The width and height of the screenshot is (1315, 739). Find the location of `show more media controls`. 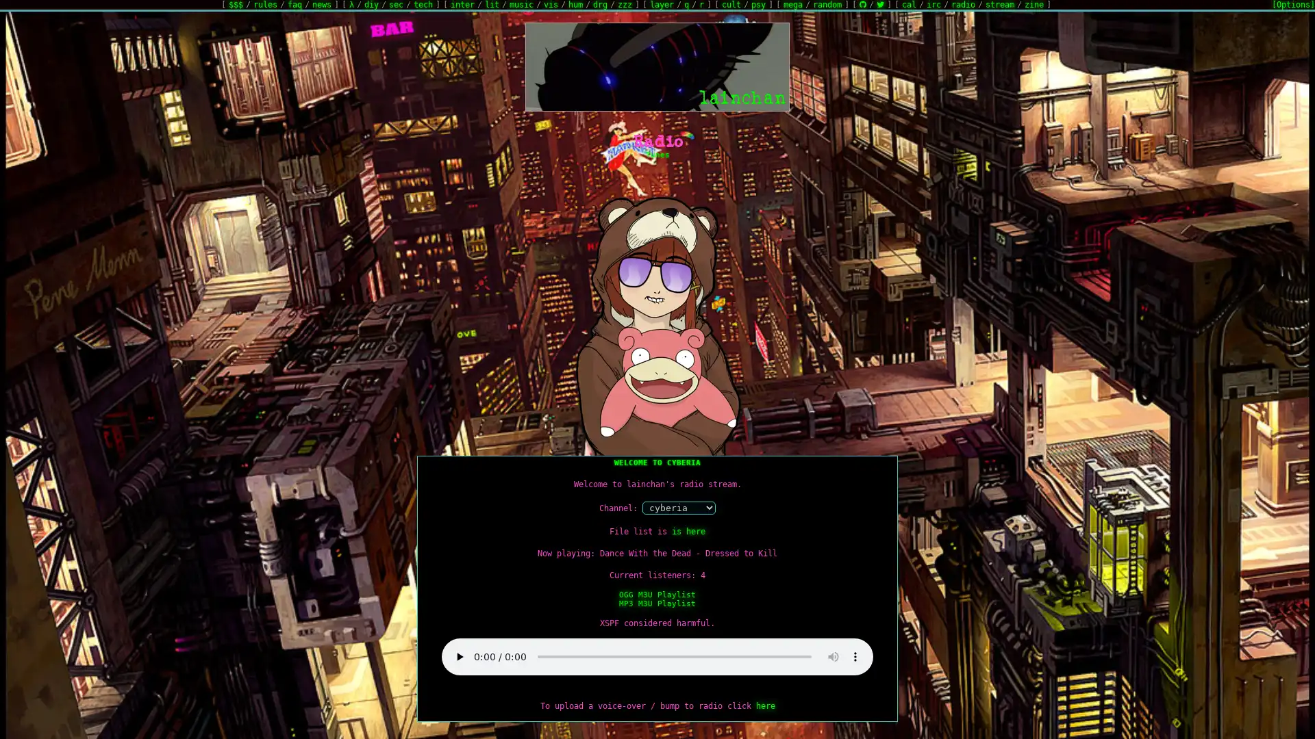

show more media controls is located at coordinates (854, 656).